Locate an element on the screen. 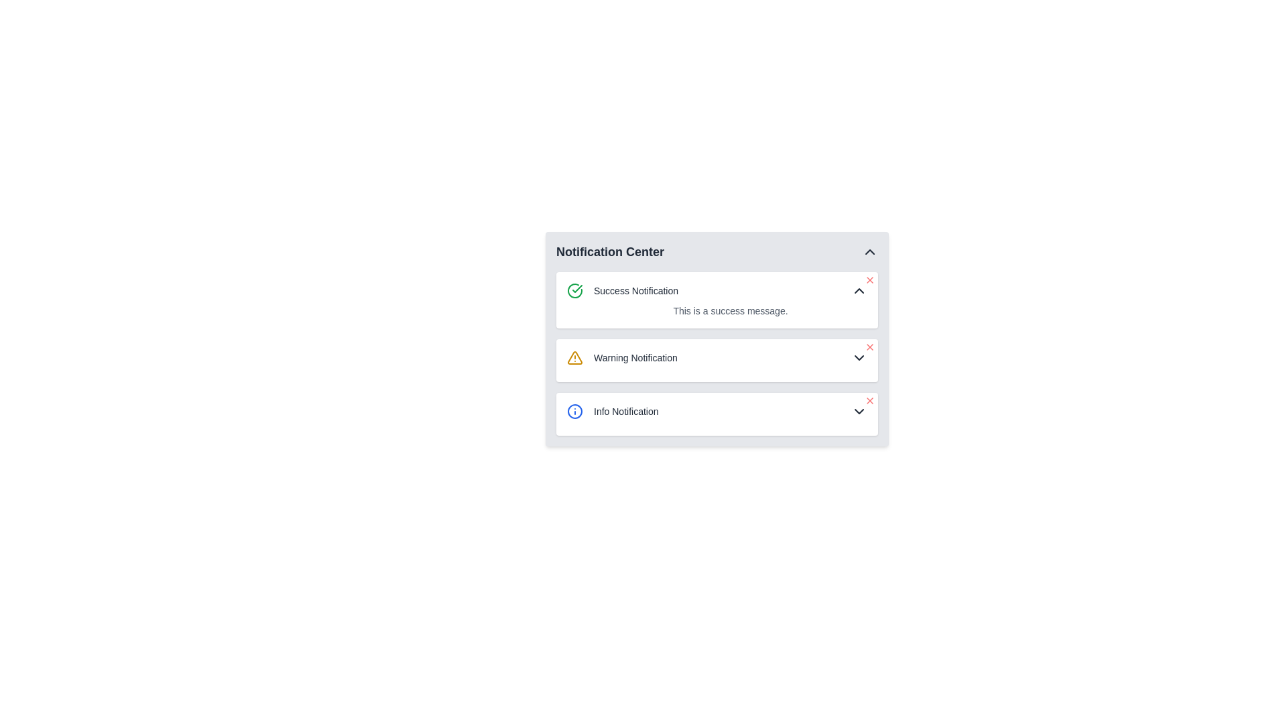  the chevron icon next to the 'Info Notification' entry is located at coordinates (859, 410).